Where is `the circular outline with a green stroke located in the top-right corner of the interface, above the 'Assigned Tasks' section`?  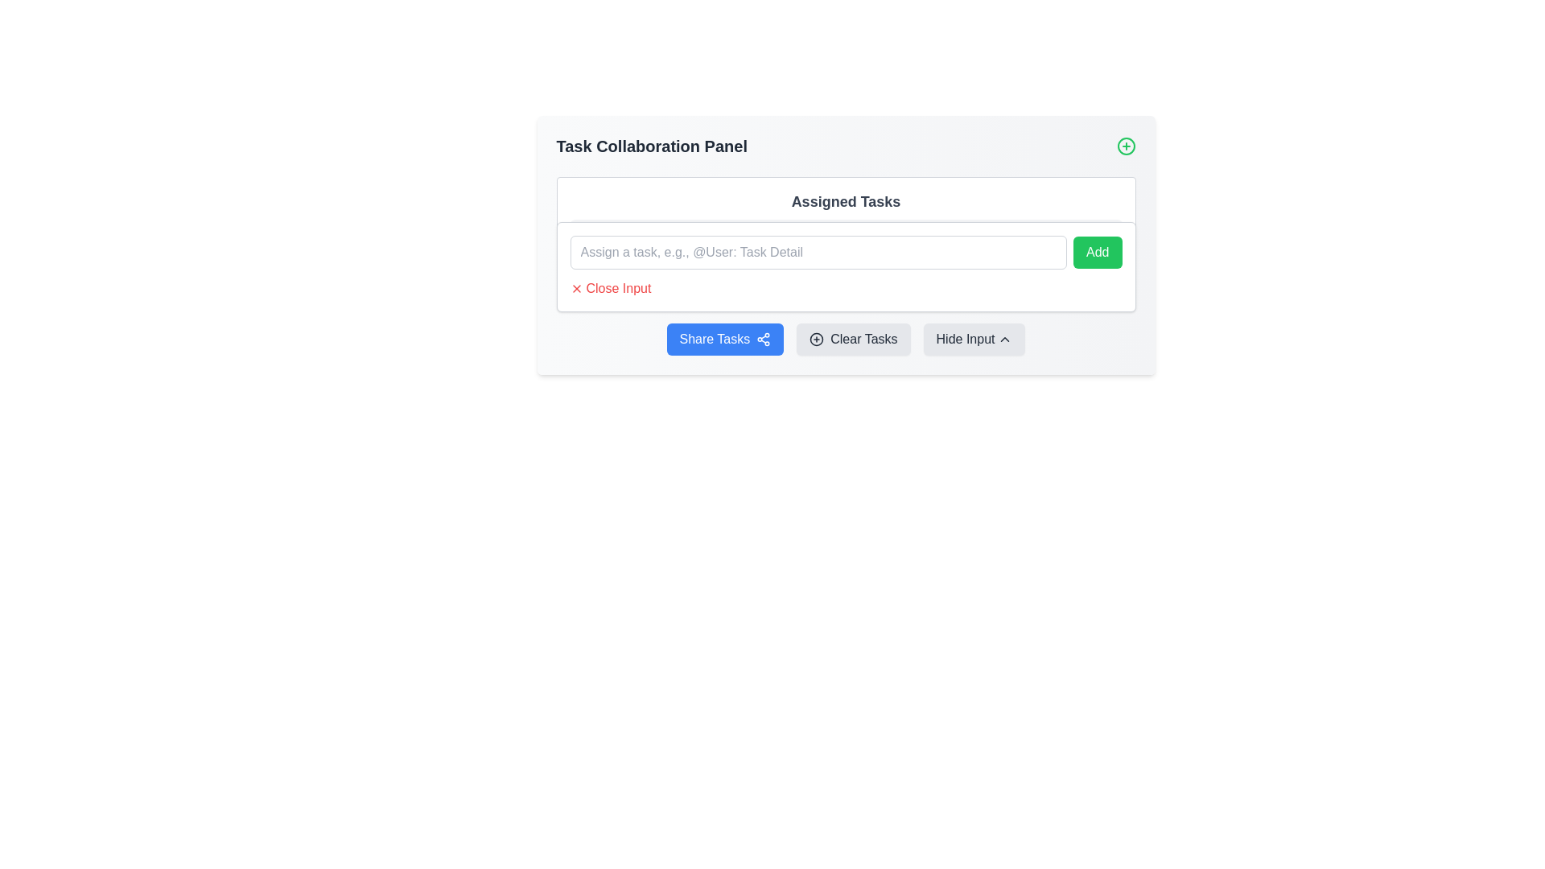
the circular outline with a green stroke located in the top-right corner of the interface, above the 'Assigned Tasks' section is located at coordinates (1125, 146).